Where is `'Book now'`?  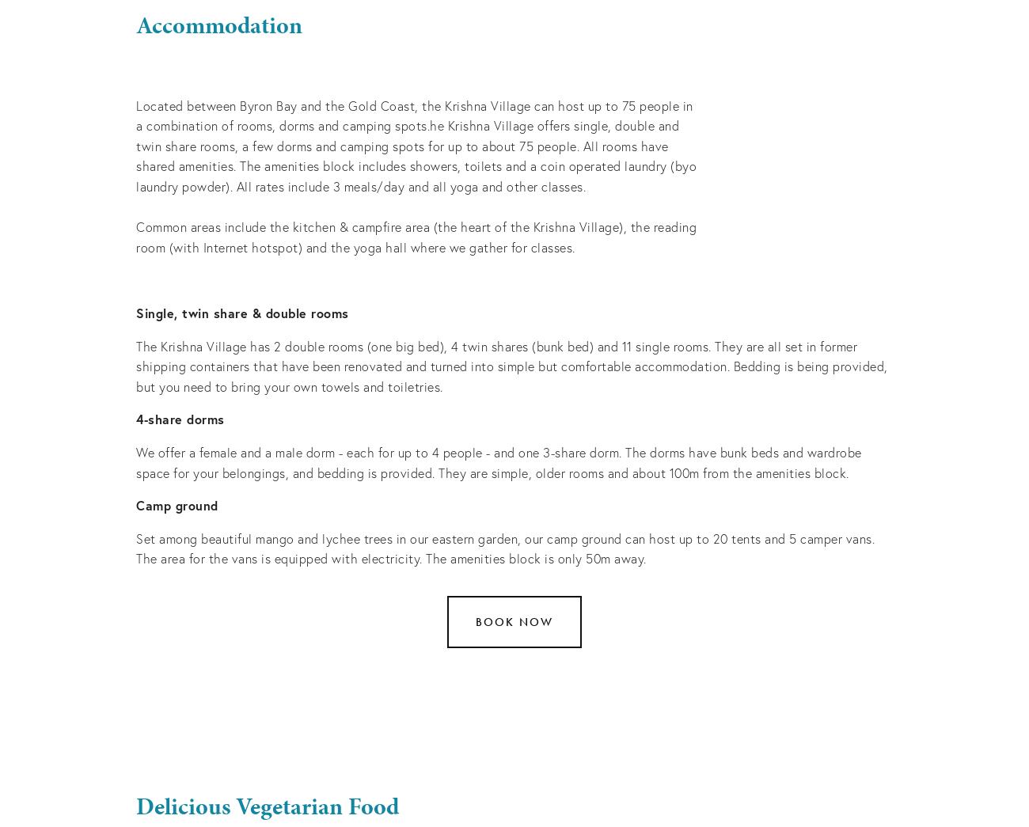 'Book now' is located at coordinates (514, 621).